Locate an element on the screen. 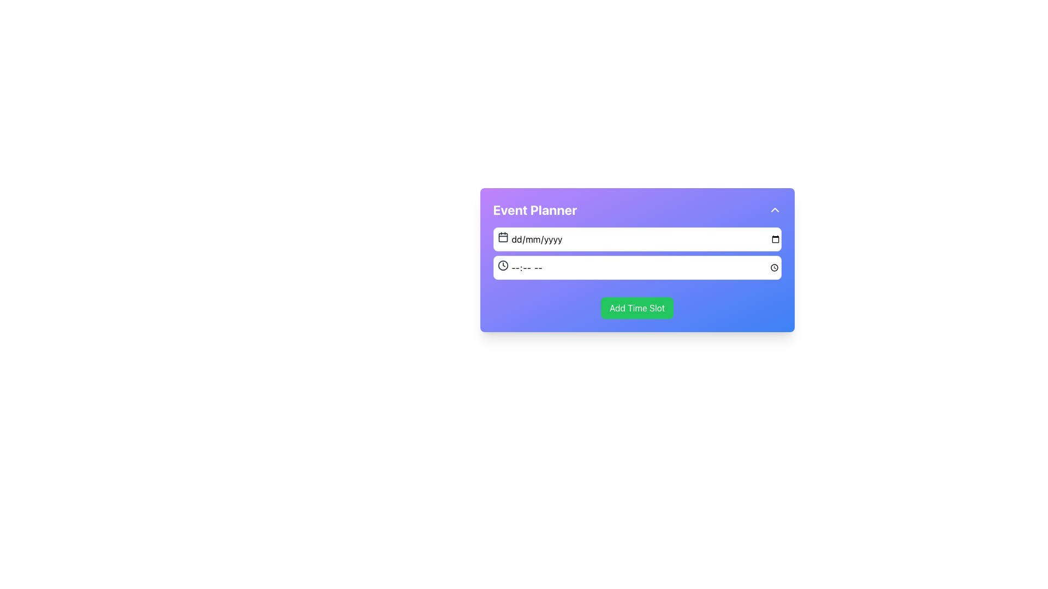 Image resolution: width=1048 pixels, height=589 pixels. to focus on the time input field of the composite input element, which consists of a date picker and a time picker, located underneath the 'Event Planner' title and above the 'Add Time Slot' button is located at coordinates (637, 254).